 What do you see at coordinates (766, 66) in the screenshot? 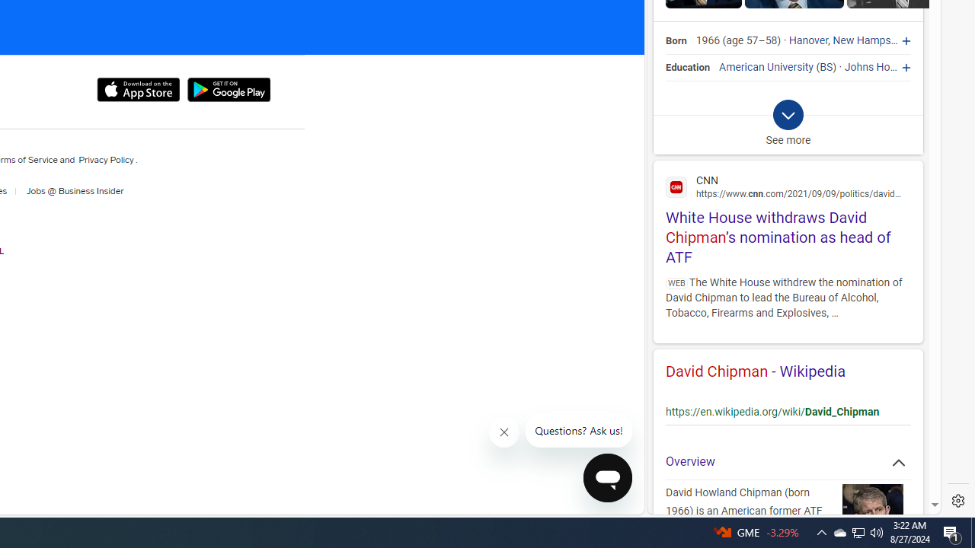
I see `'American University'` at bounding box center [766, 66].